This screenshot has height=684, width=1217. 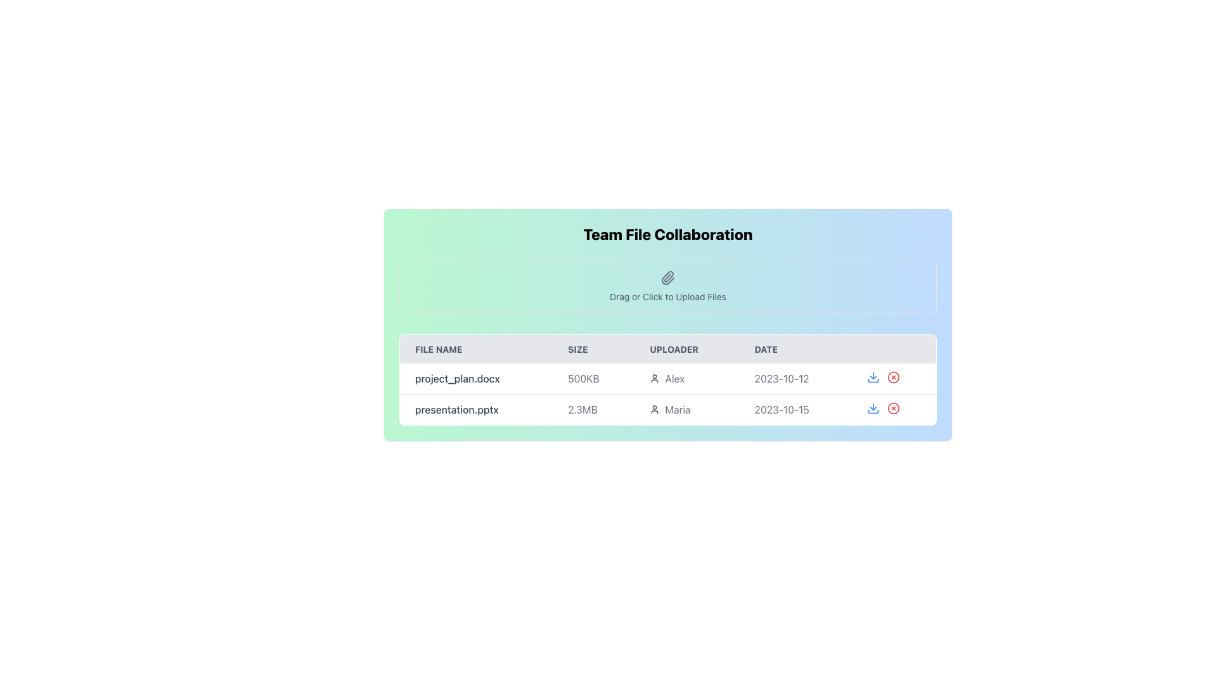 What do you see at coordinates (686, 349) in the screenshot?
I see `the 'Uploader' text label, which is the third column header in the table layout, displaying the word 'Uploader' in uppercase letters with a gray background` at bounding box center [686, 349].